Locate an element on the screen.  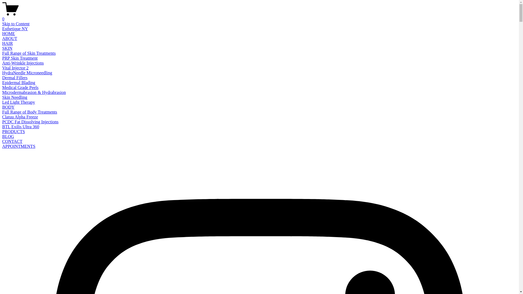
'ABOUT' is located at coordinates (10, 38).